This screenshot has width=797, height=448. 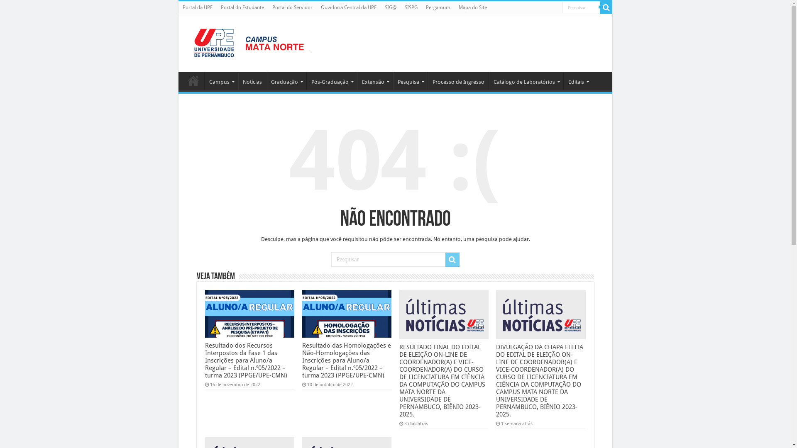 What do you see at coordinates (428, 81) in the screenshot?
I see `'Processo de Ingresso'` at bounding box center [428, 81].